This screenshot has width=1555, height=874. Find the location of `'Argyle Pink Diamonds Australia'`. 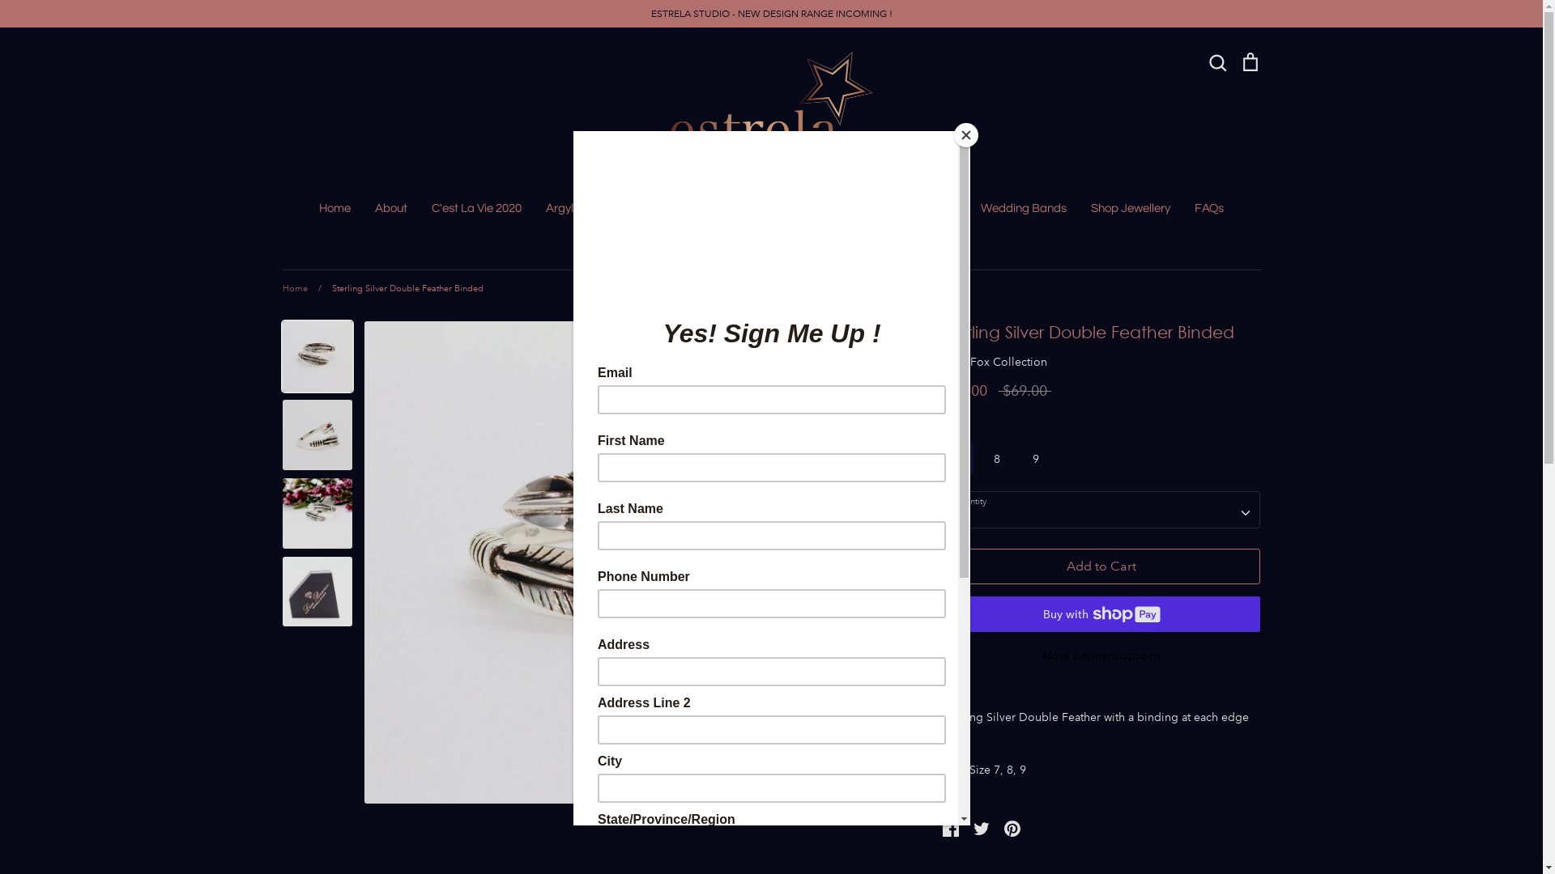

'Argyle Pink Diamonds Australia' is located at coordinates (628, 207).